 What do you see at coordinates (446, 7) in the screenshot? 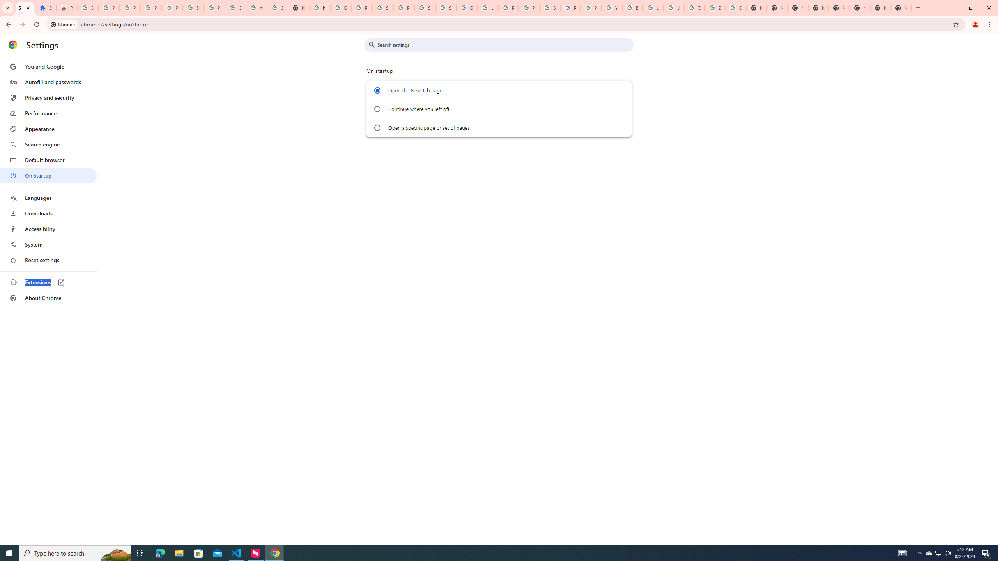
I see `'Sign in - Google Accounts'` at bounding box center [446, 7].